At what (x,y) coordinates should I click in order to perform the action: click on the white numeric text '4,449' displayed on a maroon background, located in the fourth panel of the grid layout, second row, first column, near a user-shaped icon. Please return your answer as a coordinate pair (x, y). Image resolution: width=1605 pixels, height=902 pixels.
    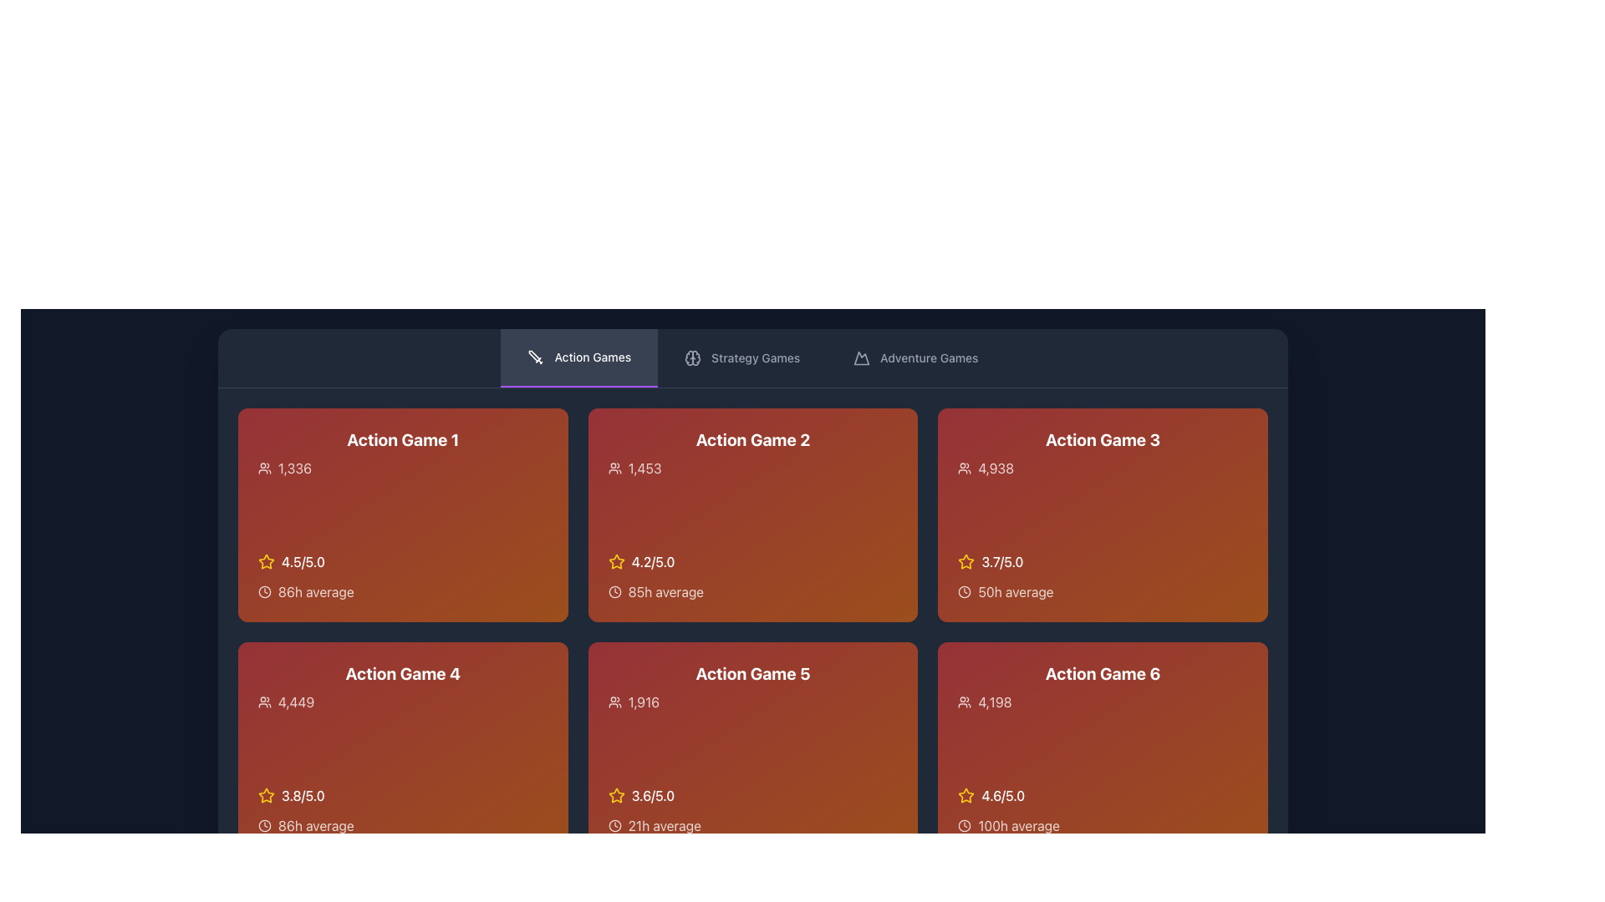
    Looking at the image, I should click on (296, 702).